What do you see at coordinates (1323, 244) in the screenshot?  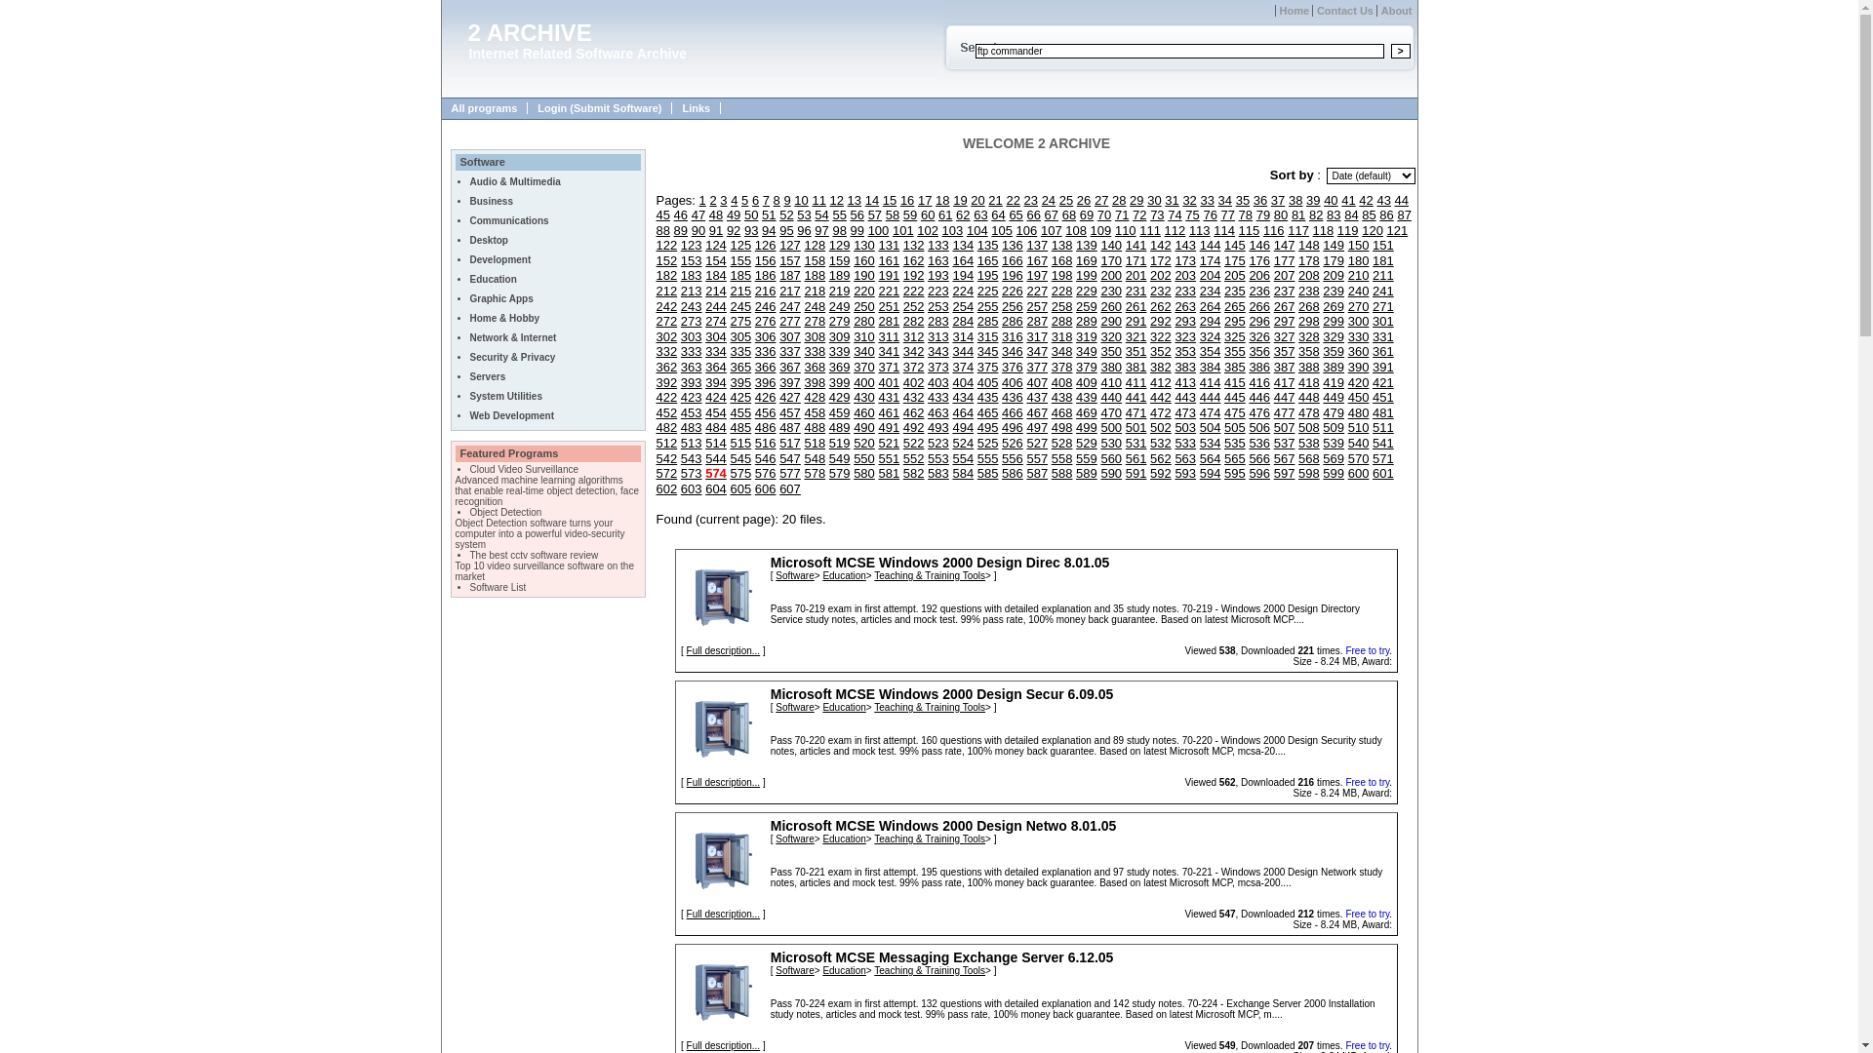 I see `'149'` at bounding box center [1323, 244].